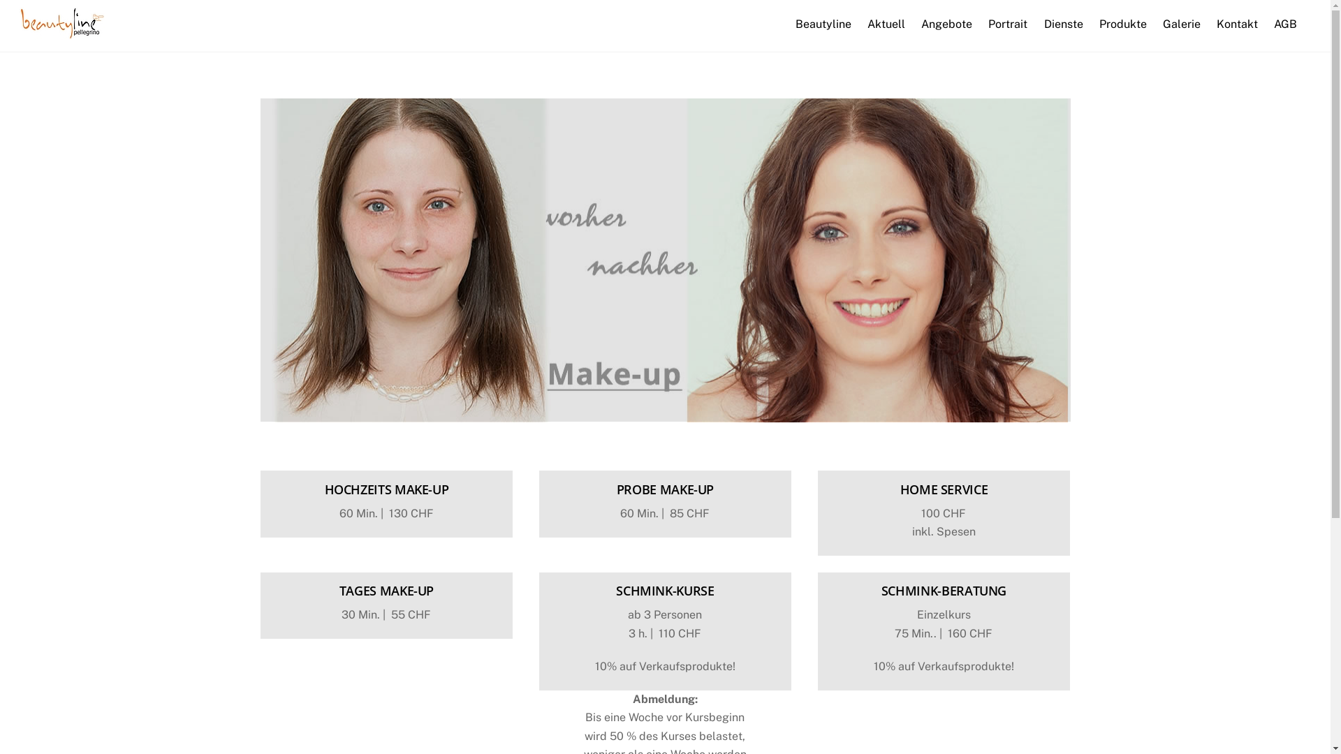 The image size is (1341, 754). I want to click on 'Beautyline', so click(823, 24).